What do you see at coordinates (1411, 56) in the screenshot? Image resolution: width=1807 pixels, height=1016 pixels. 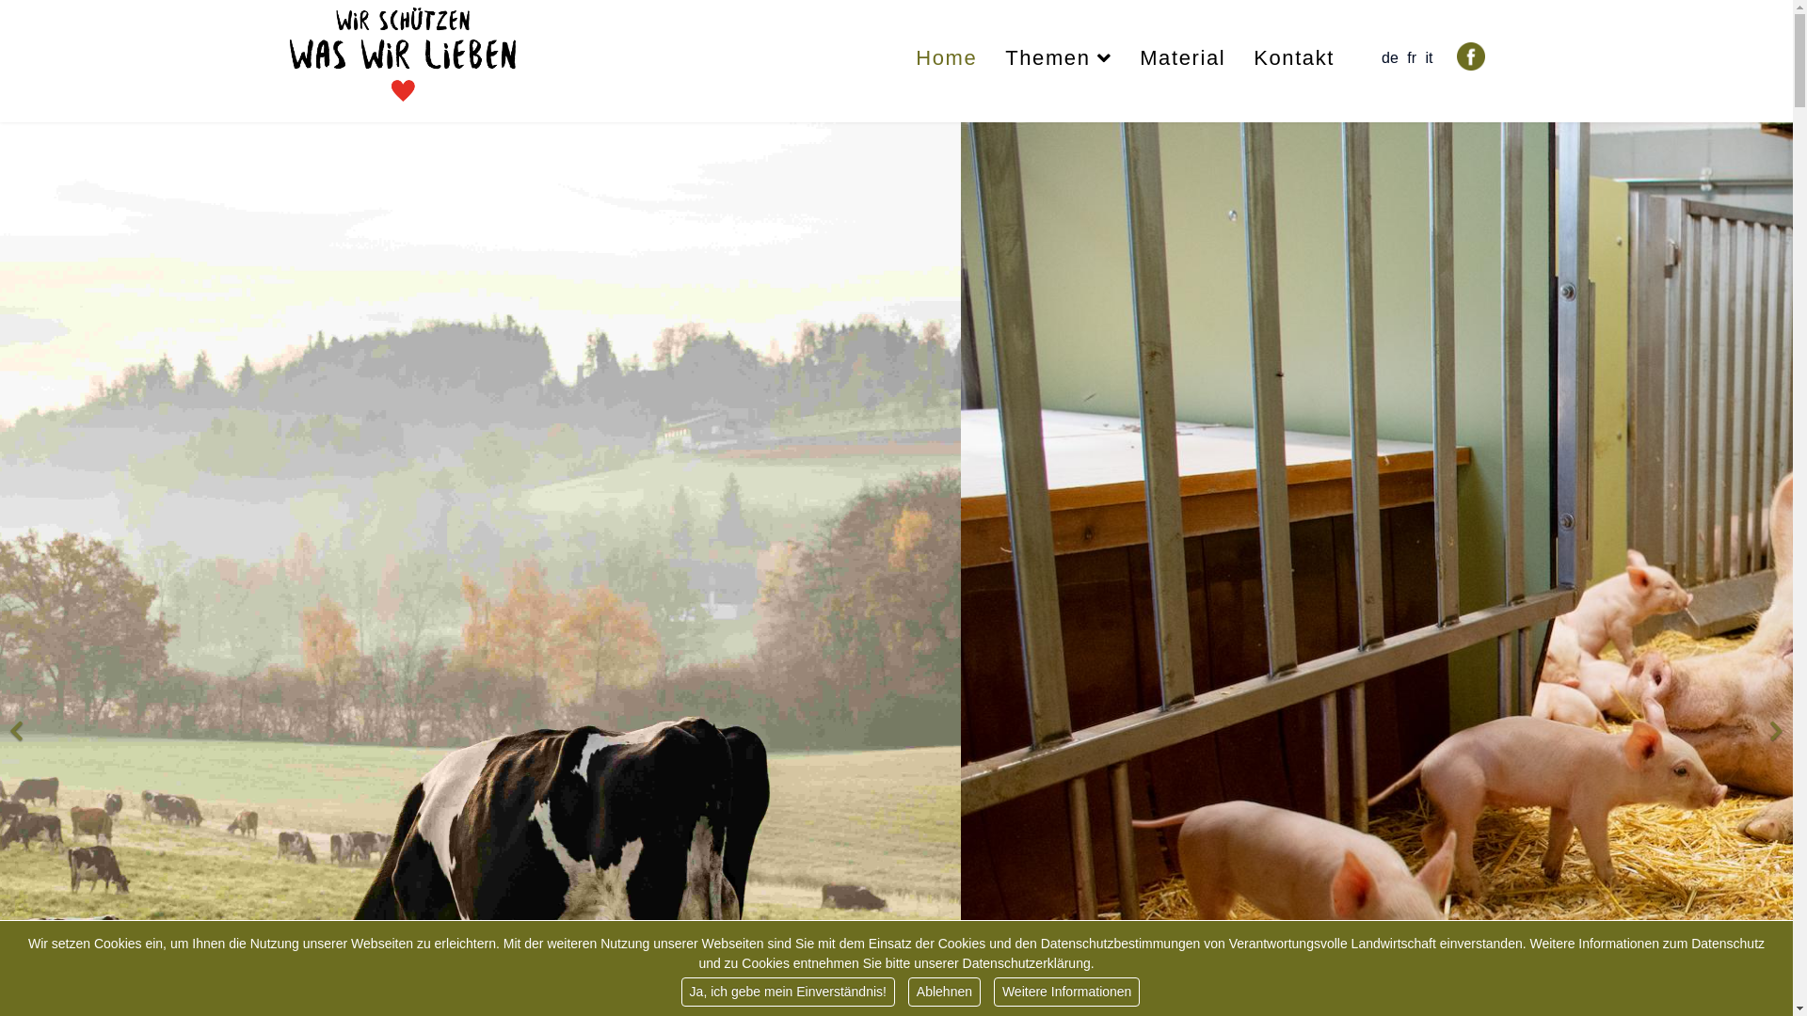 I see `'fr'` at bounding box center [1411, 56].